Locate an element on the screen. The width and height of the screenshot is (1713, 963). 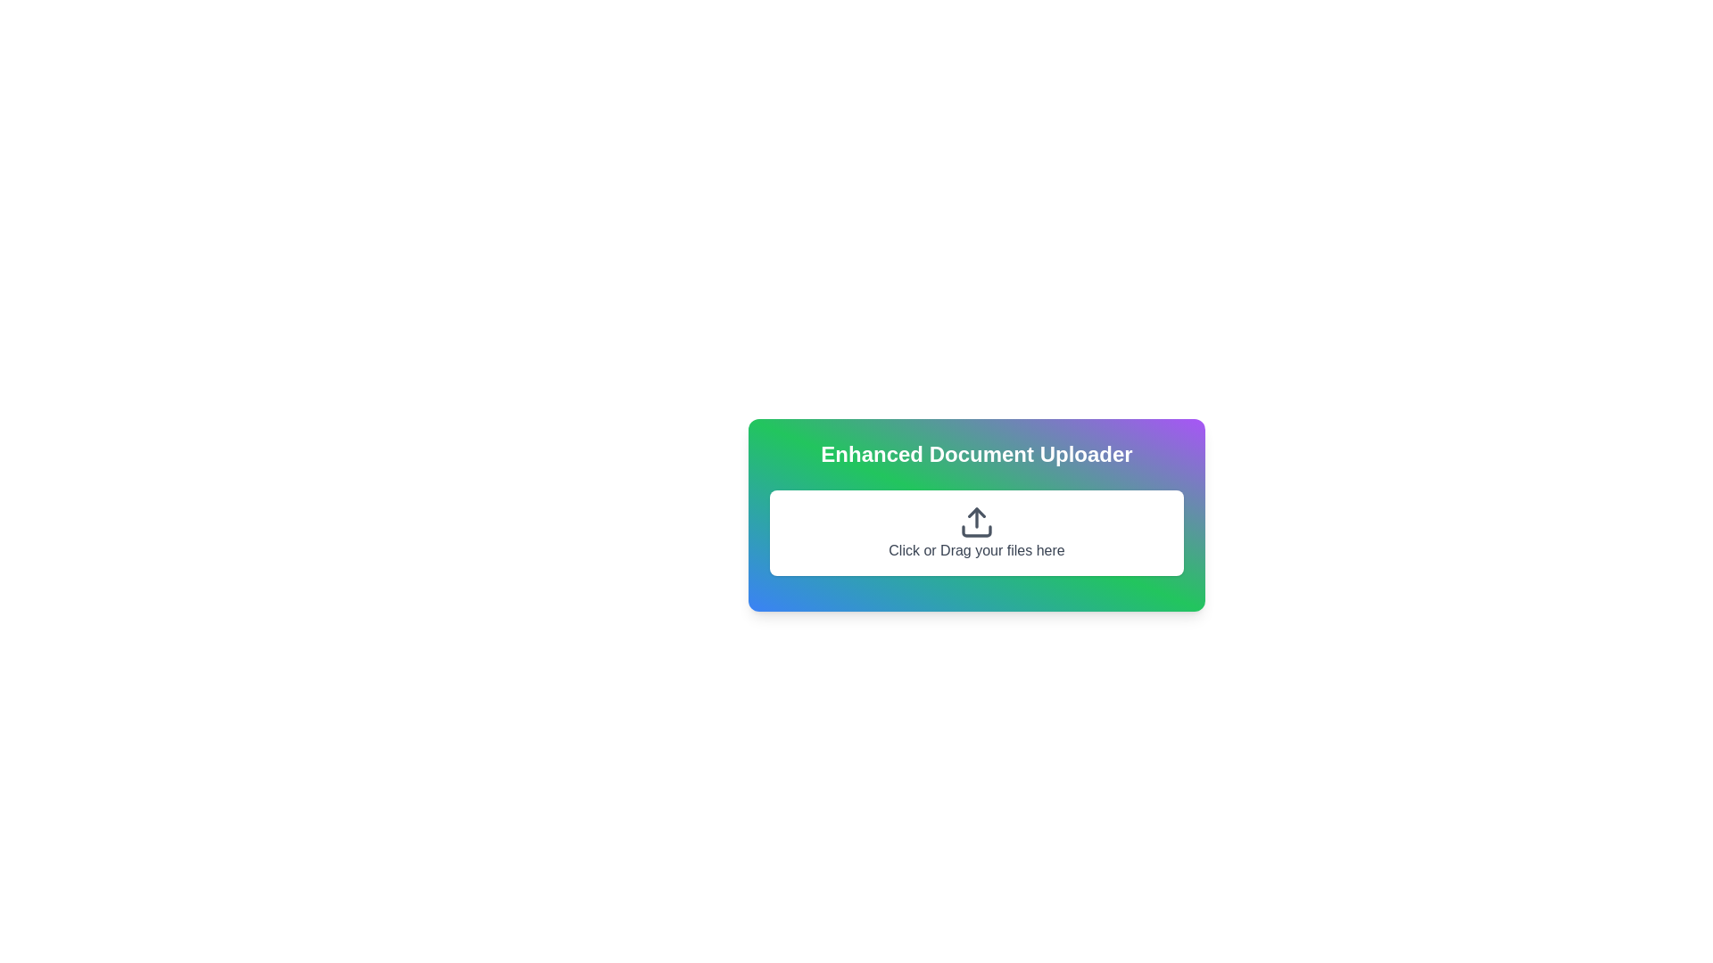
the File upload drop area, which features a white background, rounded borders, and an upward arrow icon above the text 'Click or Drag your files here' is located at coordinates (975, 531).